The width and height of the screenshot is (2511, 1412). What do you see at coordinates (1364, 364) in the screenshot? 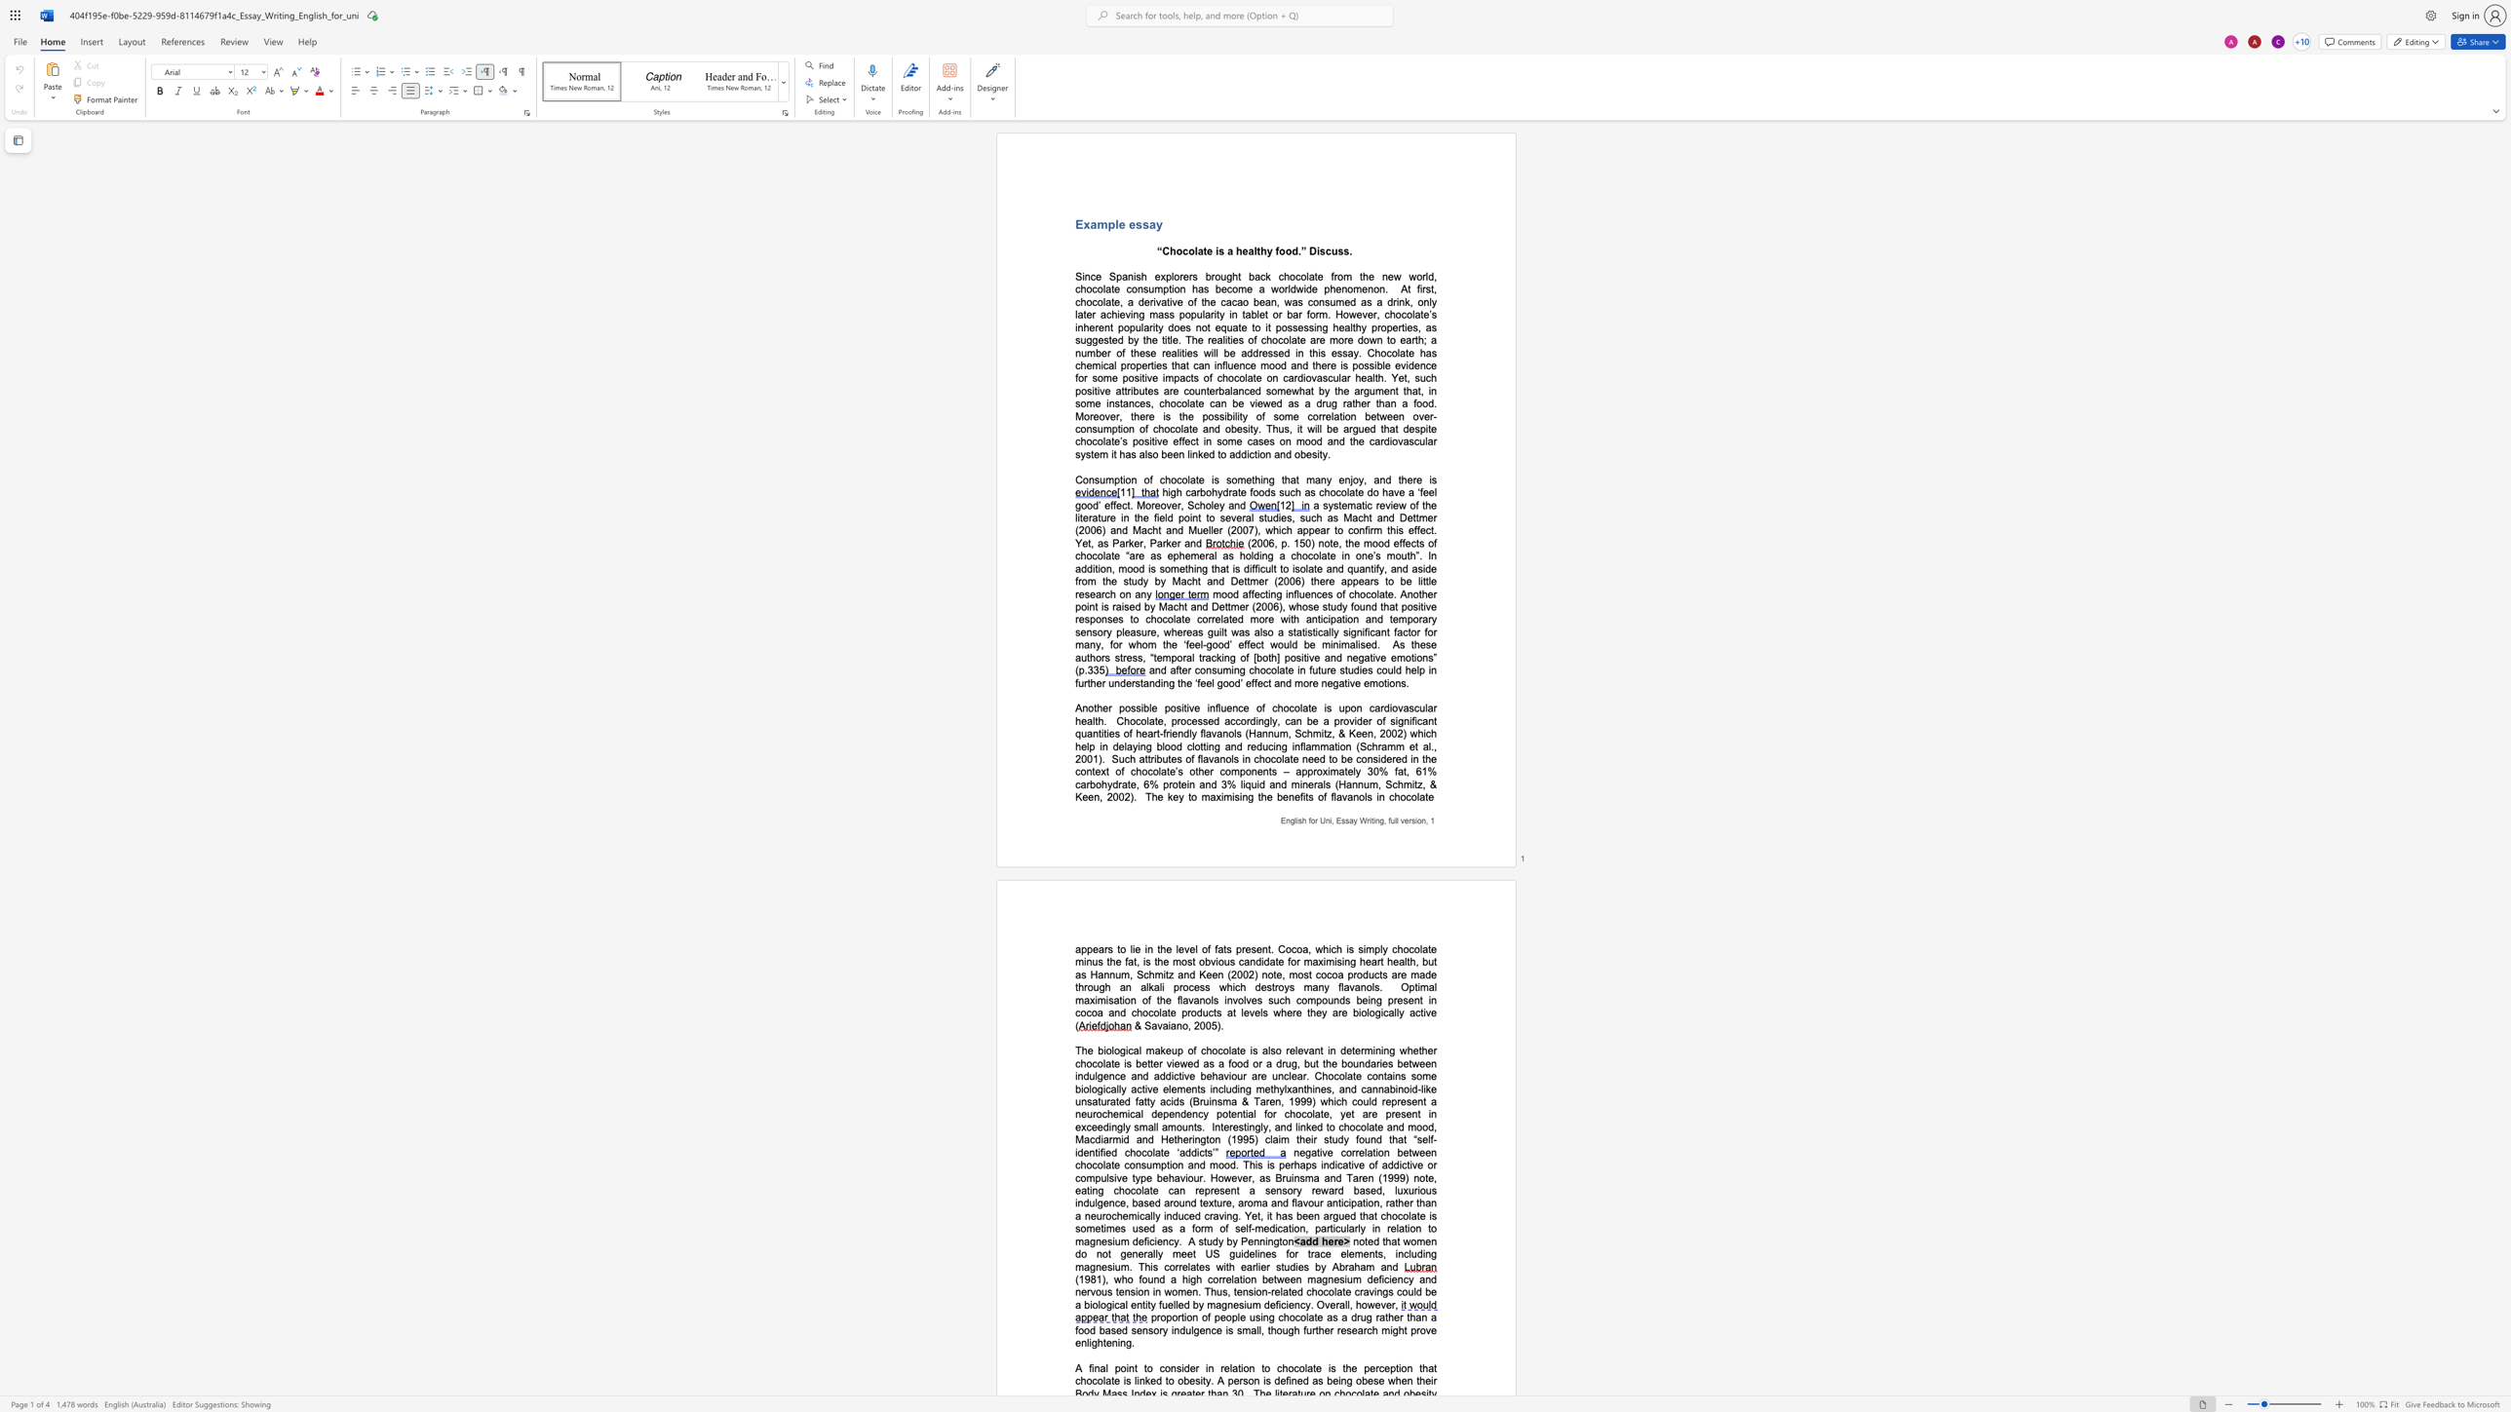
I see `the space between the continuous character "o" and "s" in the text` at bounding box center [1364, 364].